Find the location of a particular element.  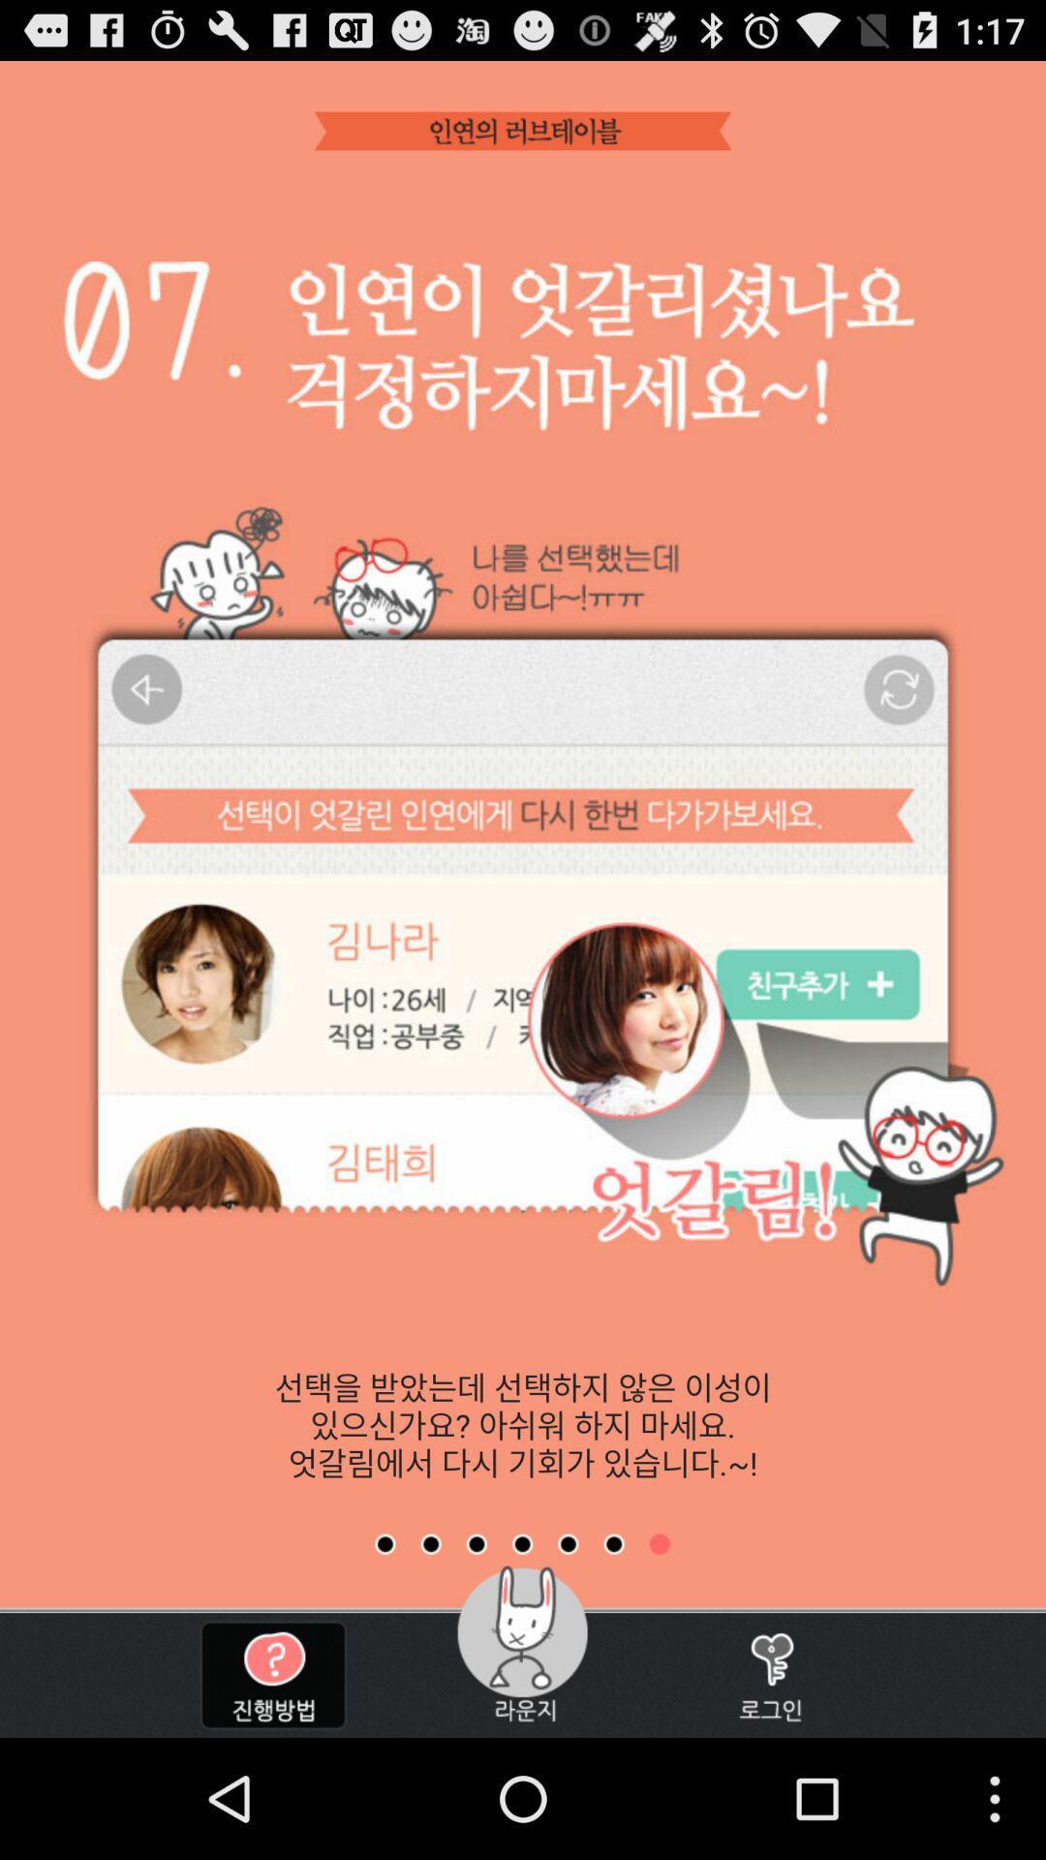

previous page is located at coordinates (614, 1543).